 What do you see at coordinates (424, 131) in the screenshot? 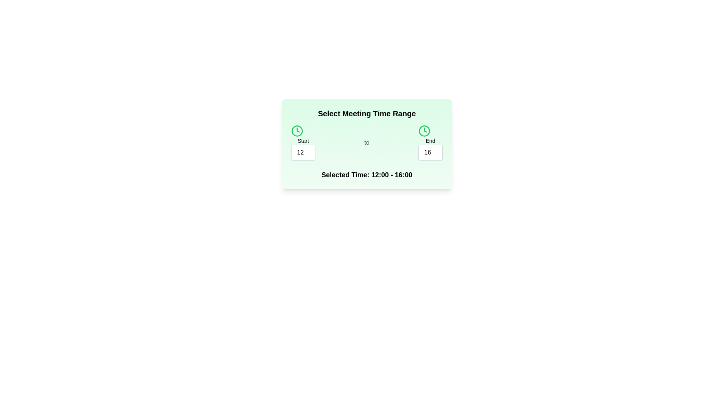
I see `the clock icon labeled end` at bounding box center [424, 131].